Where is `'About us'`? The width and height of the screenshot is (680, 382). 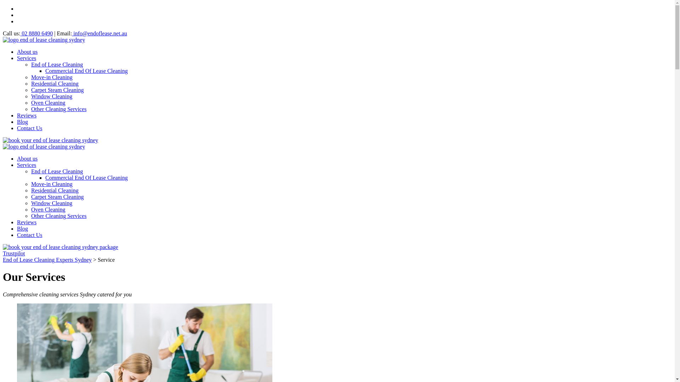
'About us' is located at coordinates (27, 158).